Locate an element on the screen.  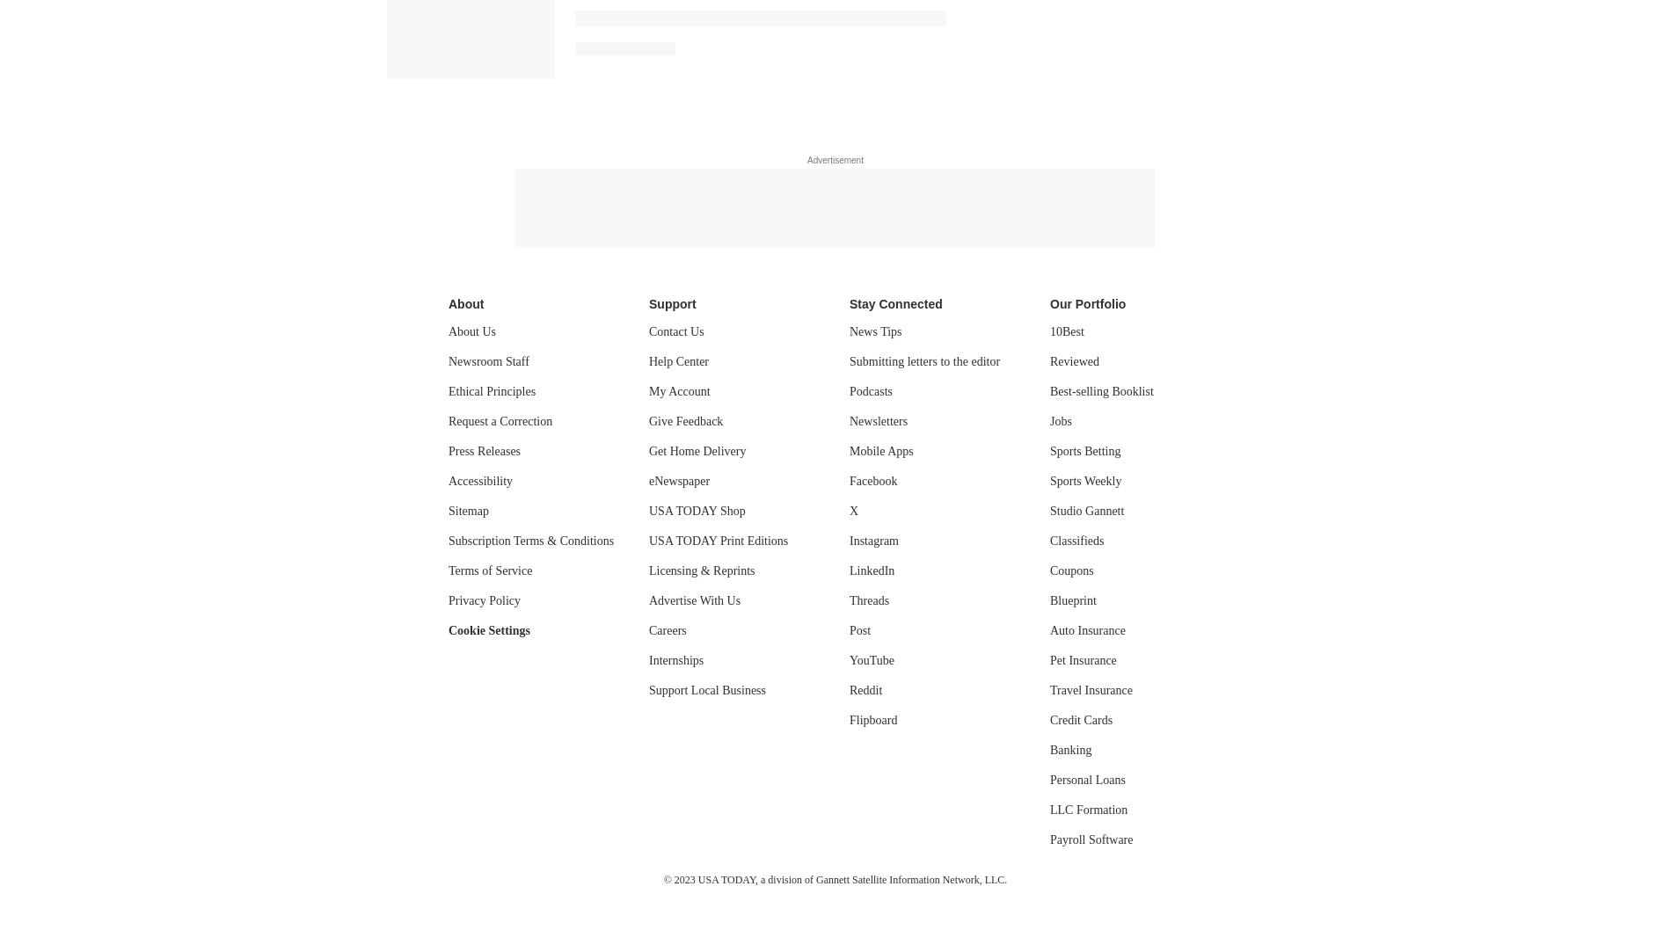
'Travel Insurance' is located at coordinates (1090, 690).